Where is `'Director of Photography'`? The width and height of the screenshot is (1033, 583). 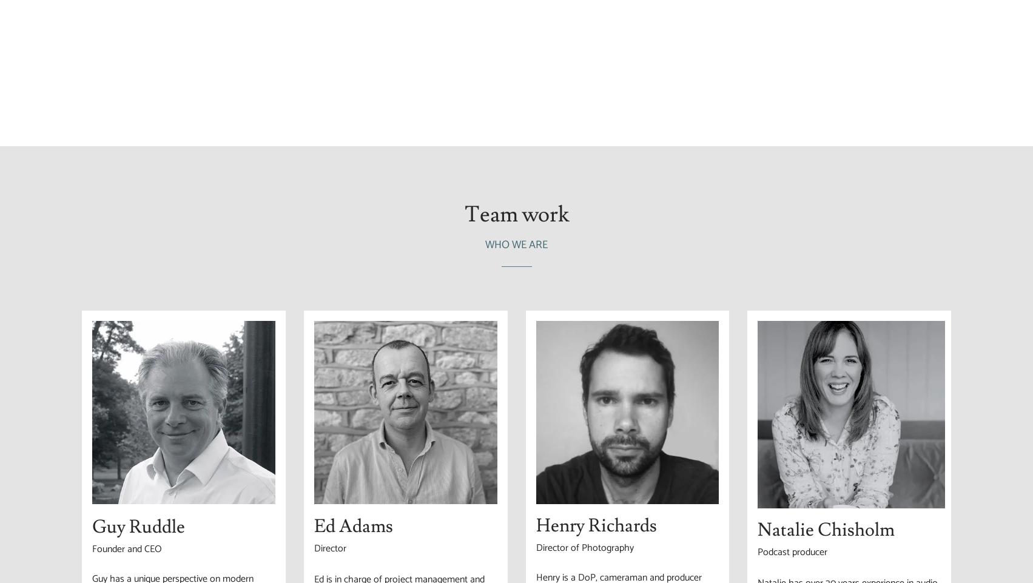 'Director of Photography' is located at coordinates (584, 547).